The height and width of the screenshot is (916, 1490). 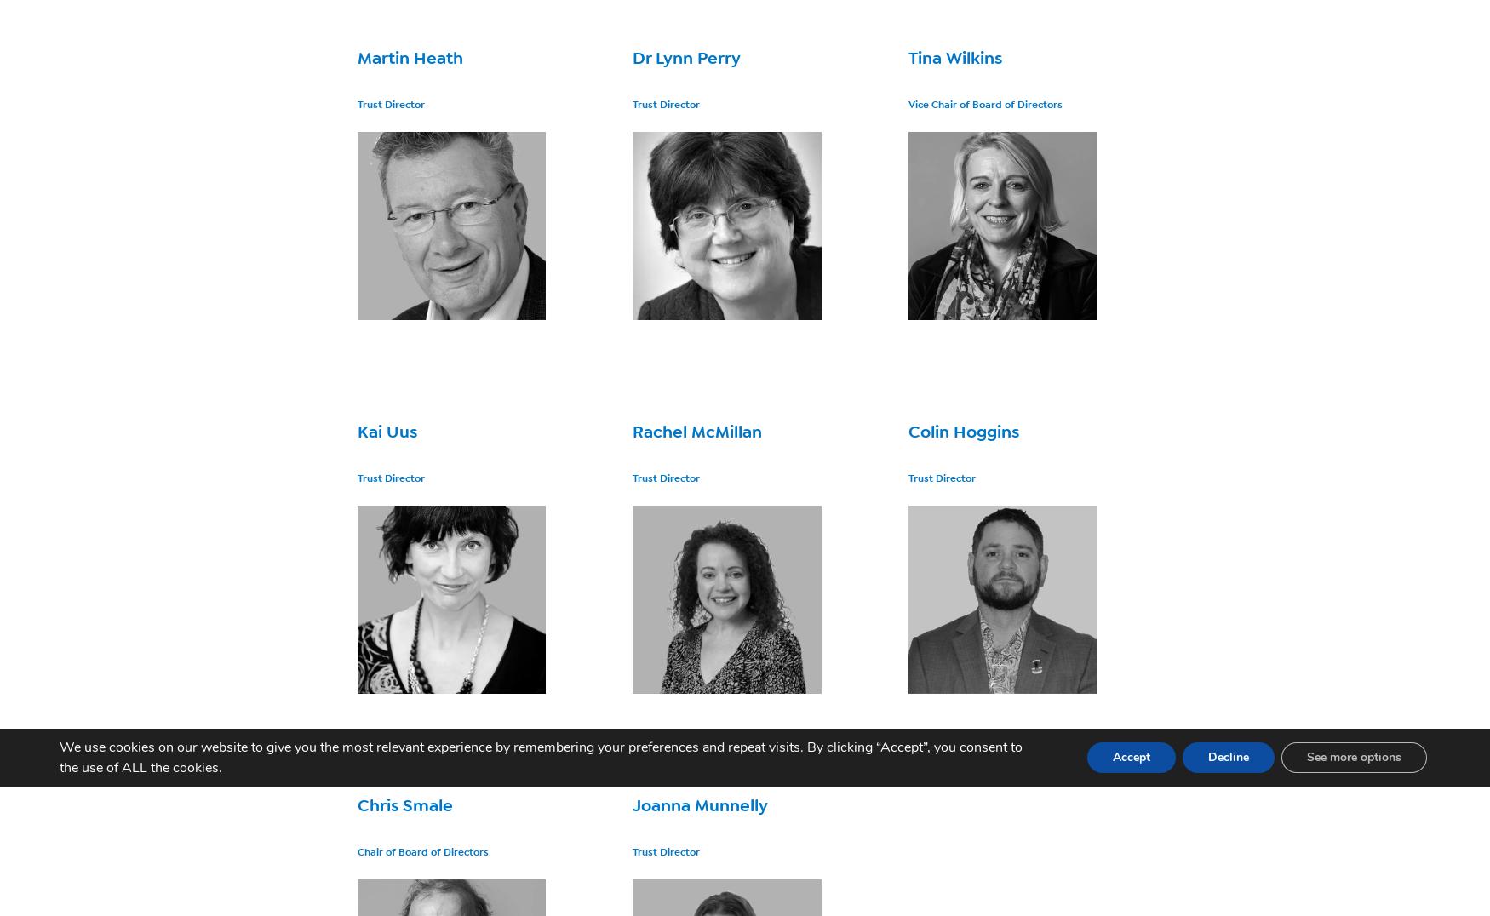 I want to click on 'We use cookies on our website to give you the most relevant experience by remembering your preferences and repeat visits. By clicking “Accept”, you consent to the use of ALL the cookies.', so click(x=540, y=757).